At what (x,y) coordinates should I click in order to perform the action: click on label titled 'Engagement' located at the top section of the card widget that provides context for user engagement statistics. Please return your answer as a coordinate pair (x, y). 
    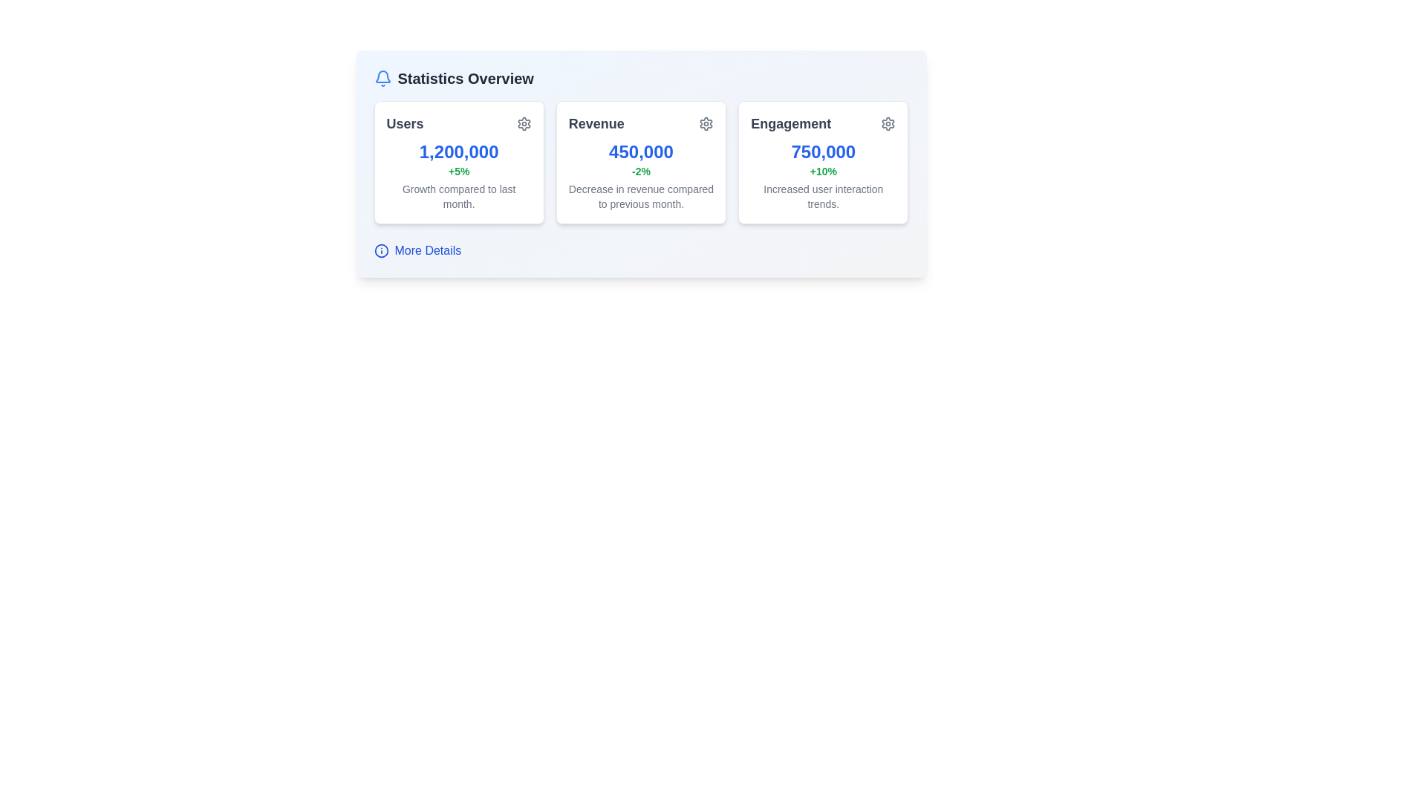
    Looking at the image, I should click on (822, 123).